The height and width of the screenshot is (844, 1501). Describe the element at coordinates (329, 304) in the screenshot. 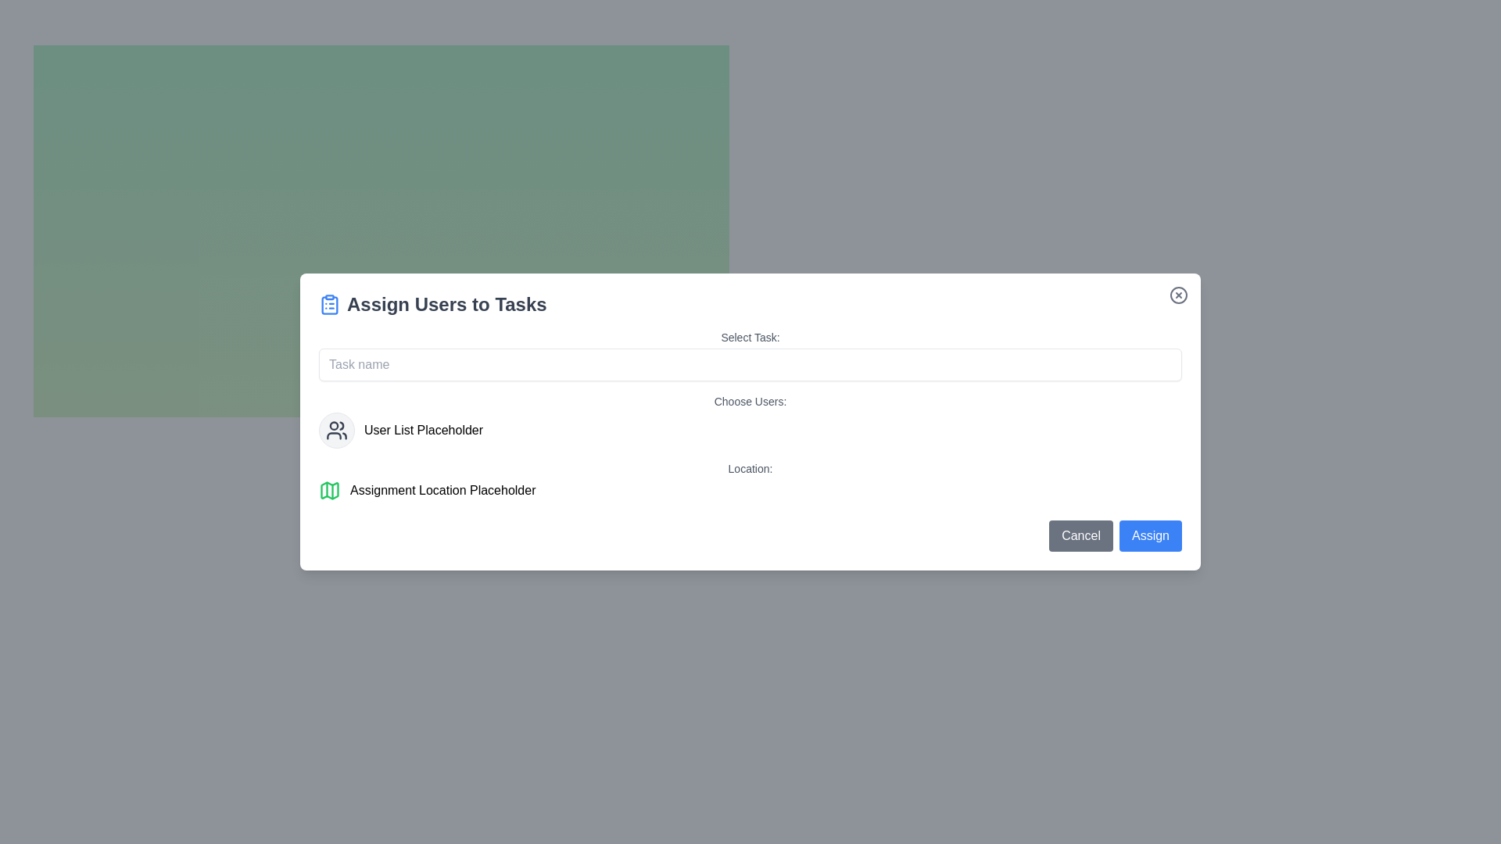

I see `the blue clipboard icon located to the left of the text 'Assign Users to Tasks' in the header area` at that location.